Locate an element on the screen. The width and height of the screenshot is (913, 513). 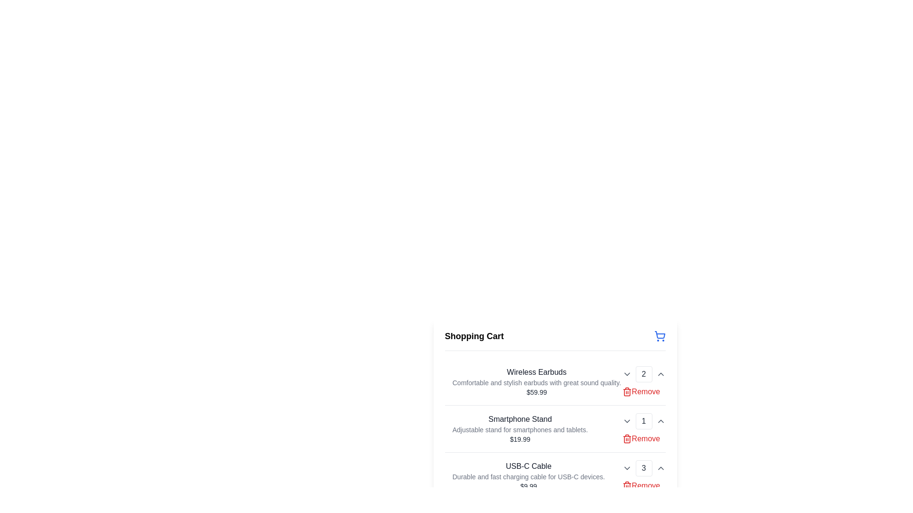
the Text display field showing the number '3' in light gray text, which is part of a quantity selector for the 'USB-C Cable' item in the shopping cart UI is located at coordinates (643, 468).